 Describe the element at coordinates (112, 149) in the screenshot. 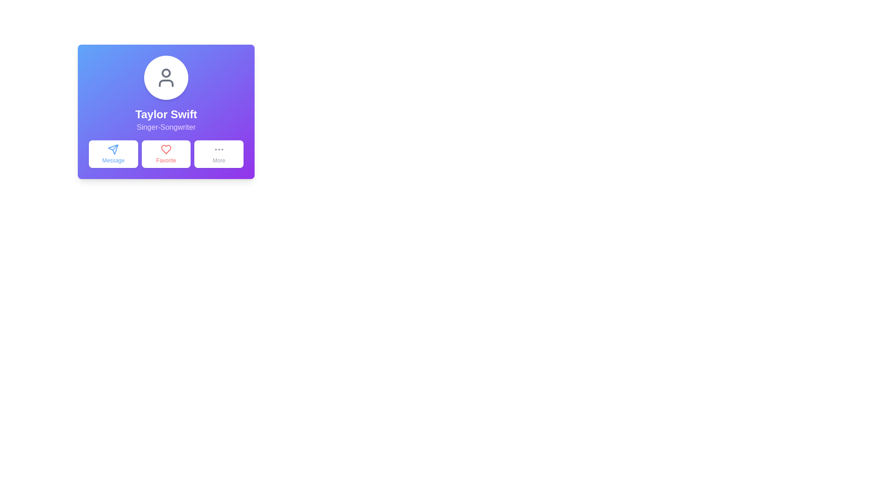

I see `the icon button located under the title 'Taylor Swift' and to the left of the 'Favorite' button` at that location.